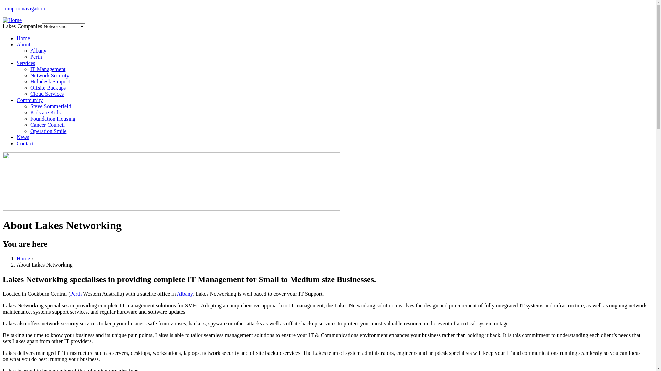  I want to click on 'Services', so click(26, 63).